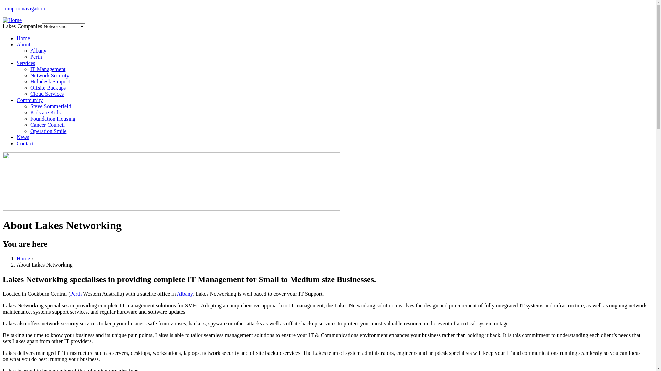  I want to click on 'Services', so click(26, 63).